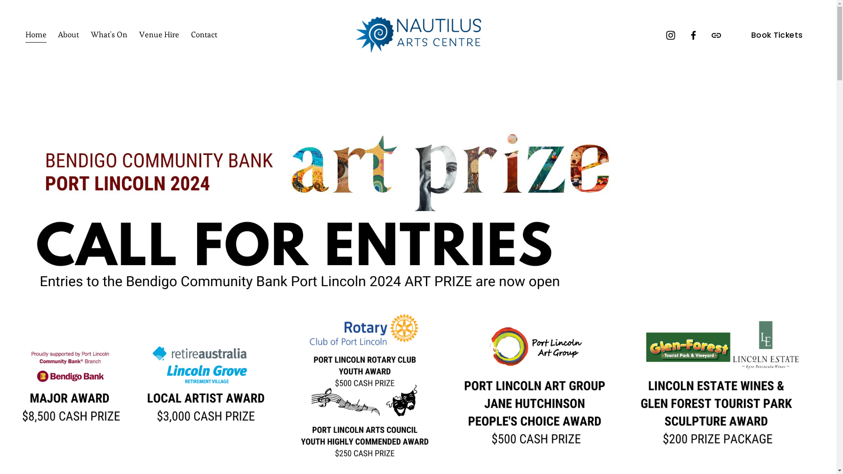 This screenshot has height=474, width=843. Describe the element at coordinates (159, 34) in the screenshot. I see `'Venue Hire'` at that location.